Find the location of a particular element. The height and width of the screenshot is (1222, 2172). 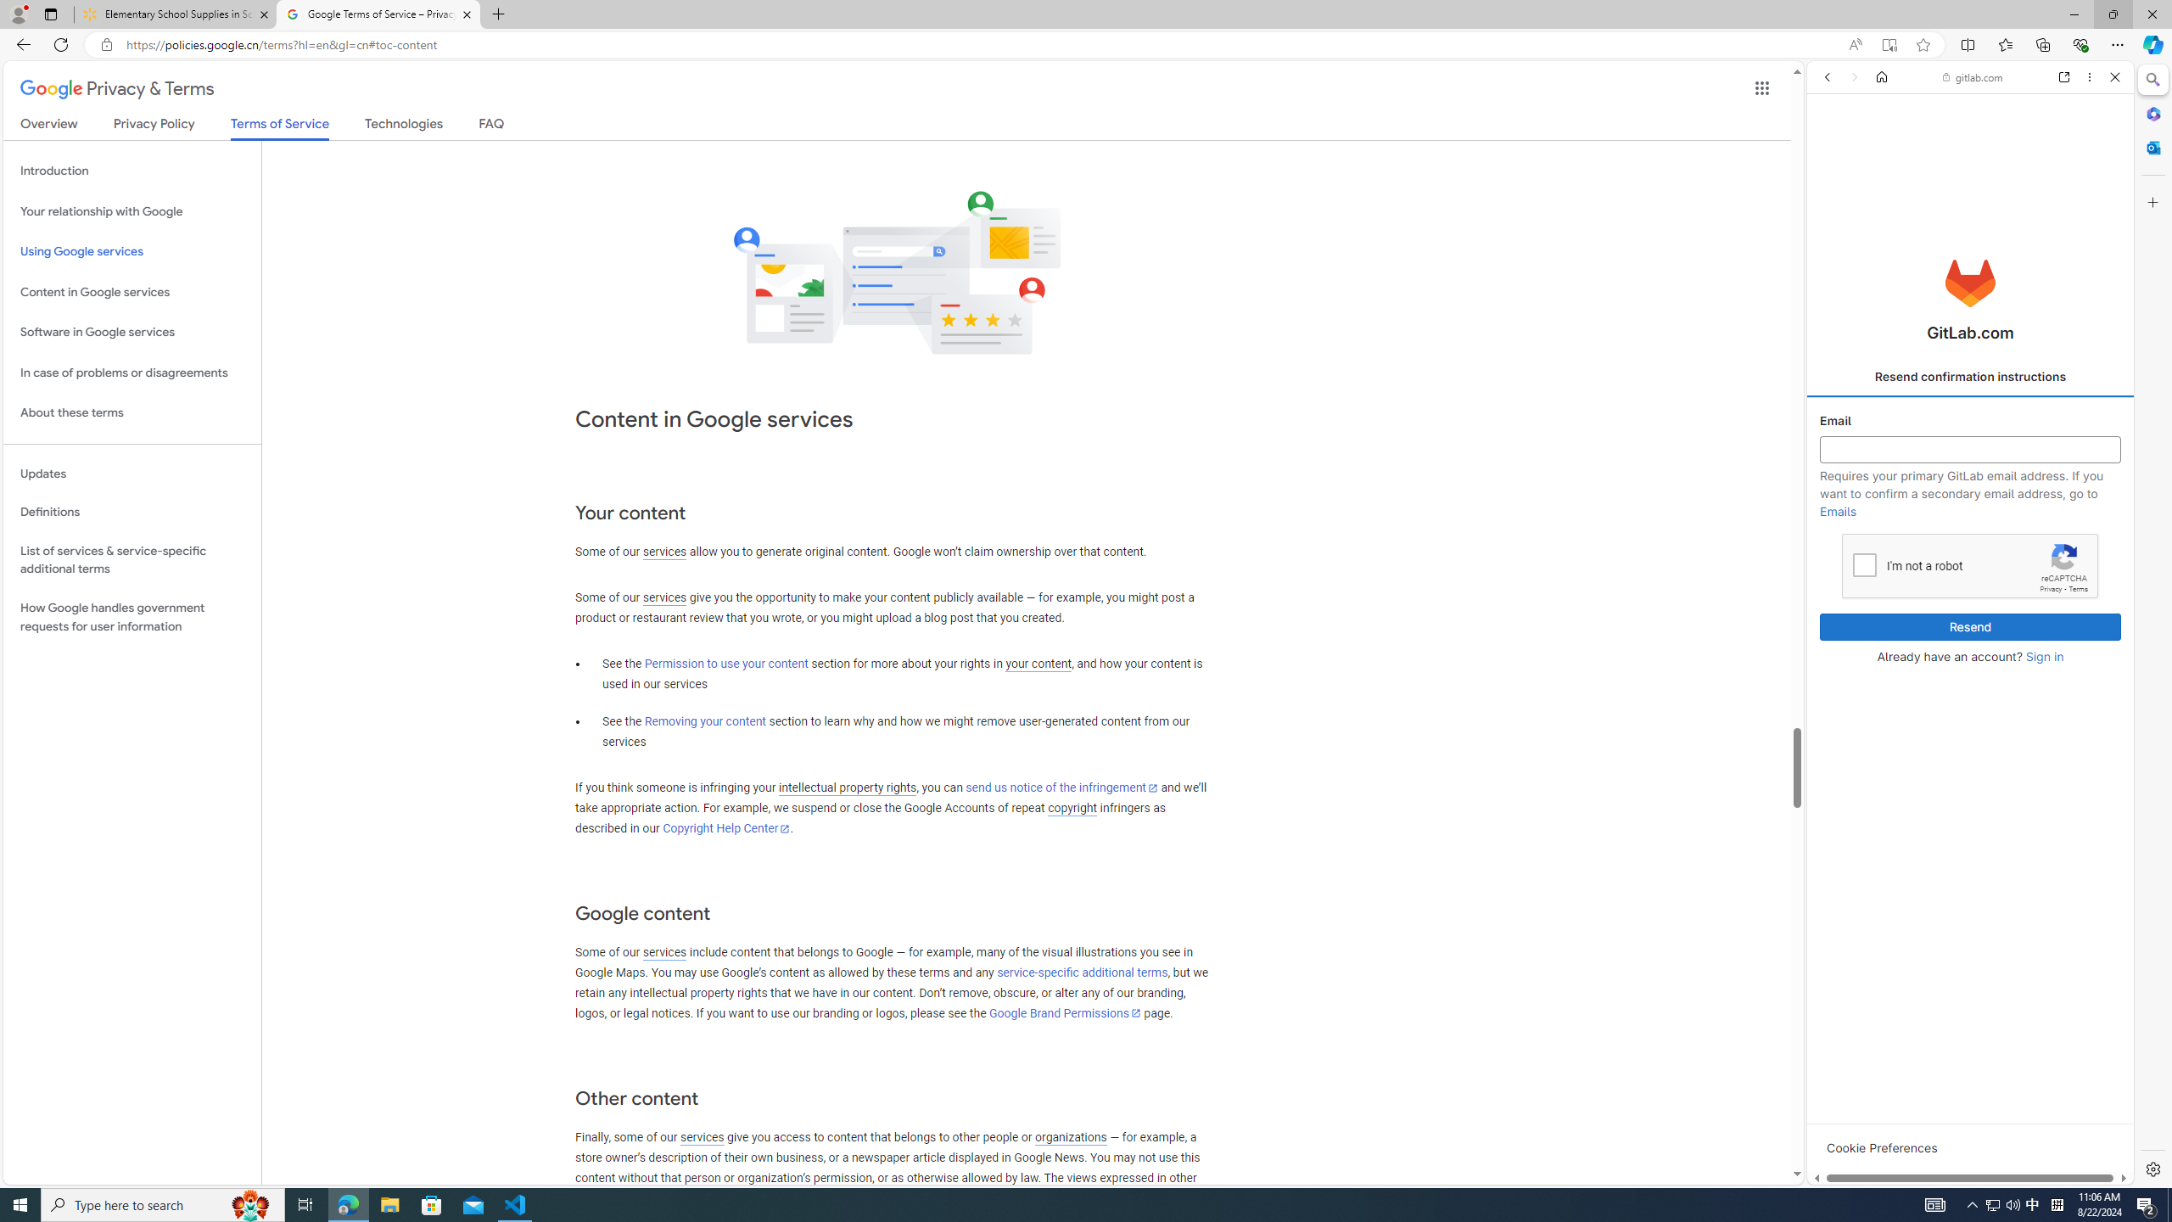

'Cookie Preferences' is located at coordinates (1881, 1146).